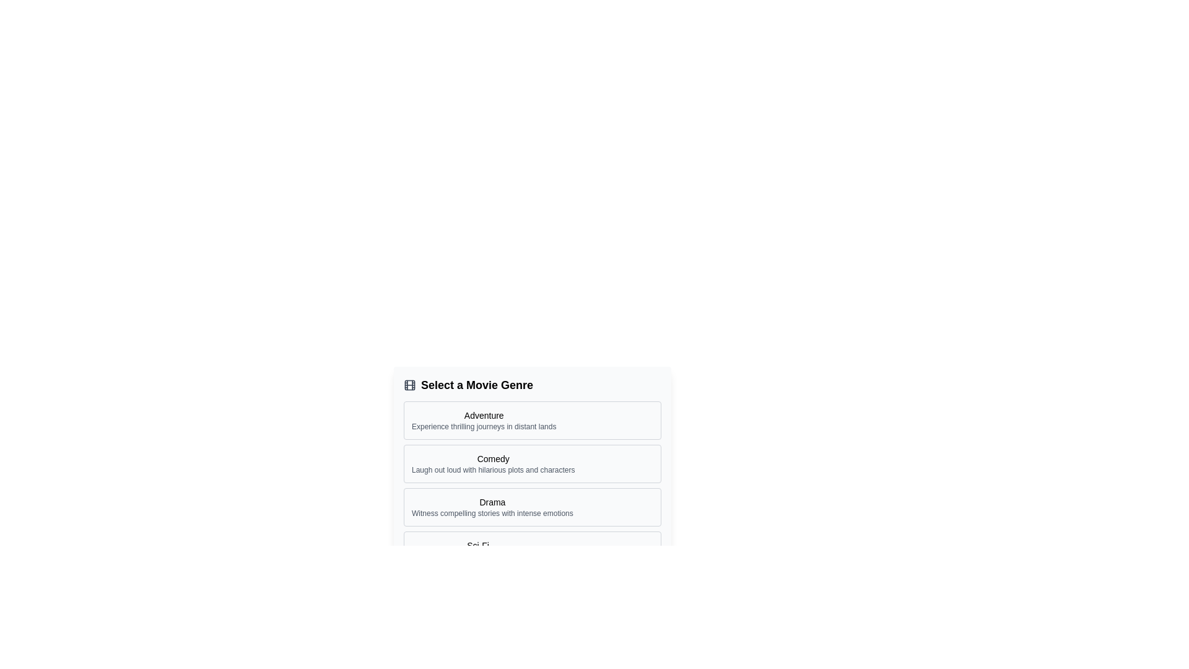 This screenshot has height=669, width=1189. Describe the element at coordinates (532, 463) in the screenshot. I see `the 'Comedy' movie genre card, which is the second card in the vertical stack of four cards labeled 'Adventure', 'Comedy', 'Drama', and 'Sci-Fi'` at that location.